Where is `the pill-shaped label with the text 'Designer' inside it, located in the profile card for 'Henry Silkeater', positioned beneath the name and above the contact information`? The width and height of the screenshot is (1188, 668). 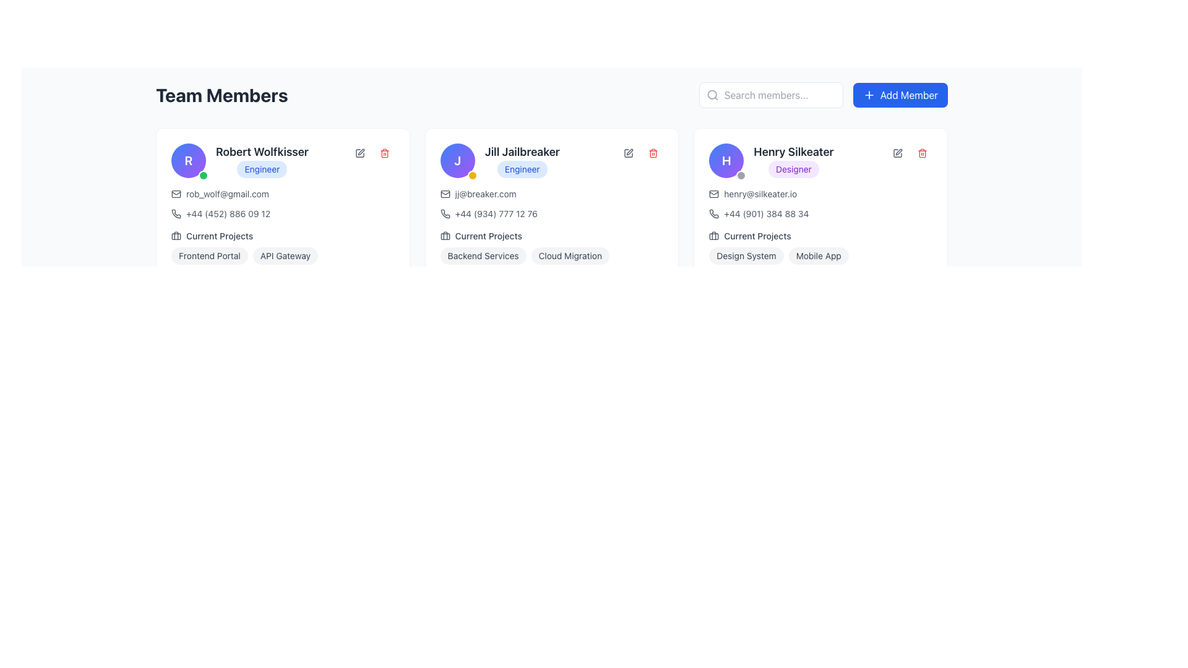 the pill-shaped label with the text 'Designer' inside it, located in the profile card for 'Henry Silkeater', positioned beneath the name and above the contact information is located at coordinates (793, 169).